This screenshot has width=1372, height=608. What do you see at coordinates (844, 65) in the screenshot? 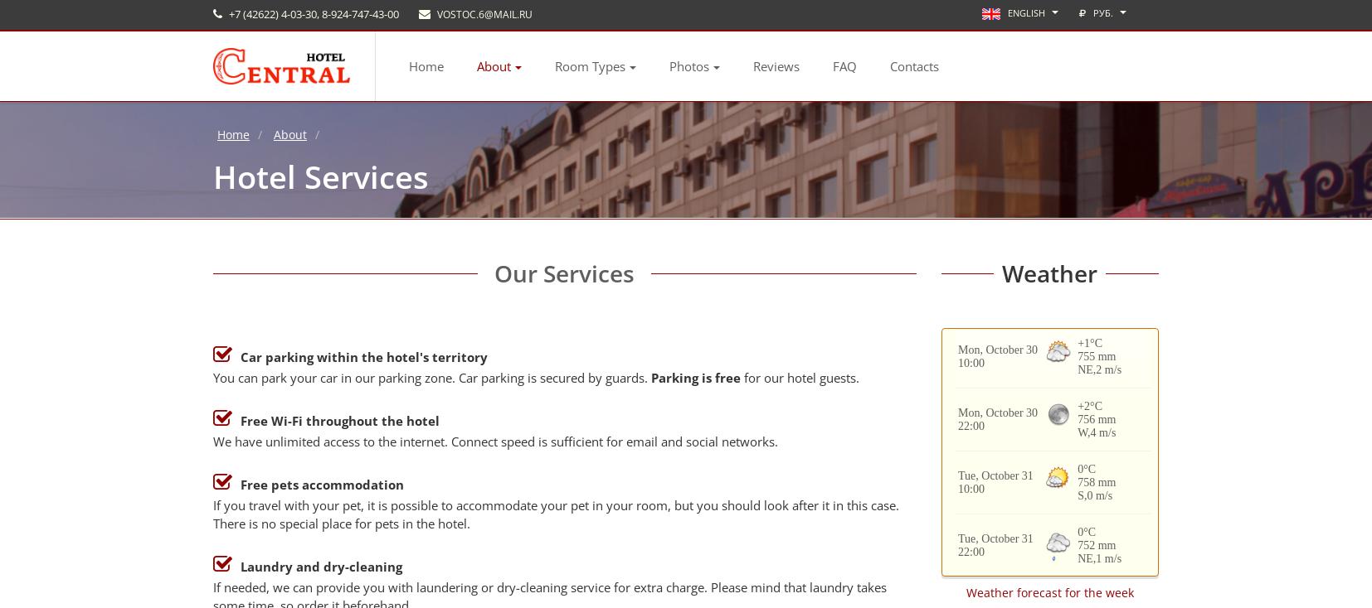
I see `'FAQ'` at bounding box center [844, 65].